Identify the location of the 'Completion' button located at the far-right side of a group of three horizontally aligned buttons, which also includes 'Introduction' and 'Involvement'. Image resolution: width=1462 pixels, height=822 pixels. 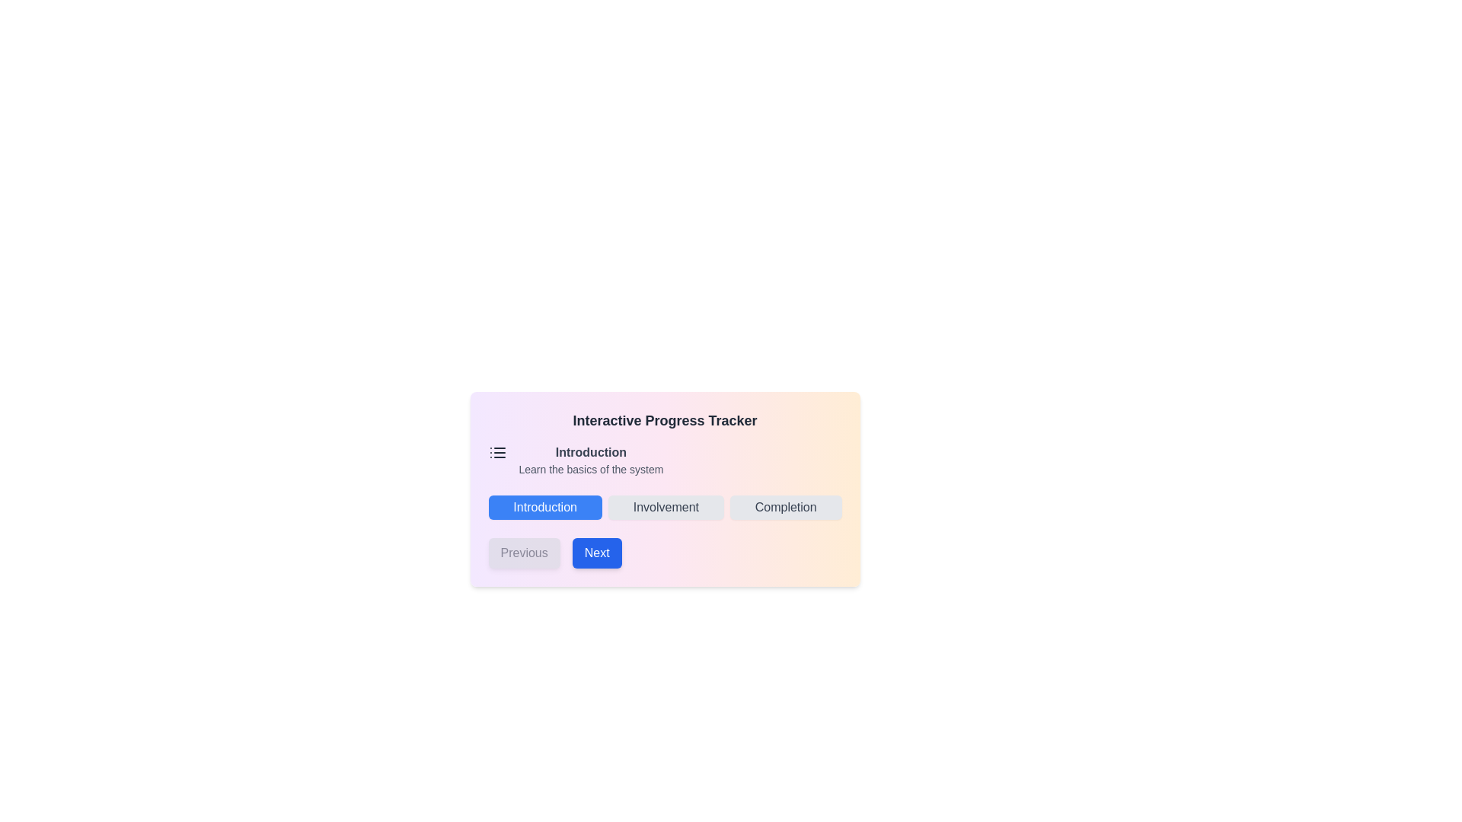
(786, 508).